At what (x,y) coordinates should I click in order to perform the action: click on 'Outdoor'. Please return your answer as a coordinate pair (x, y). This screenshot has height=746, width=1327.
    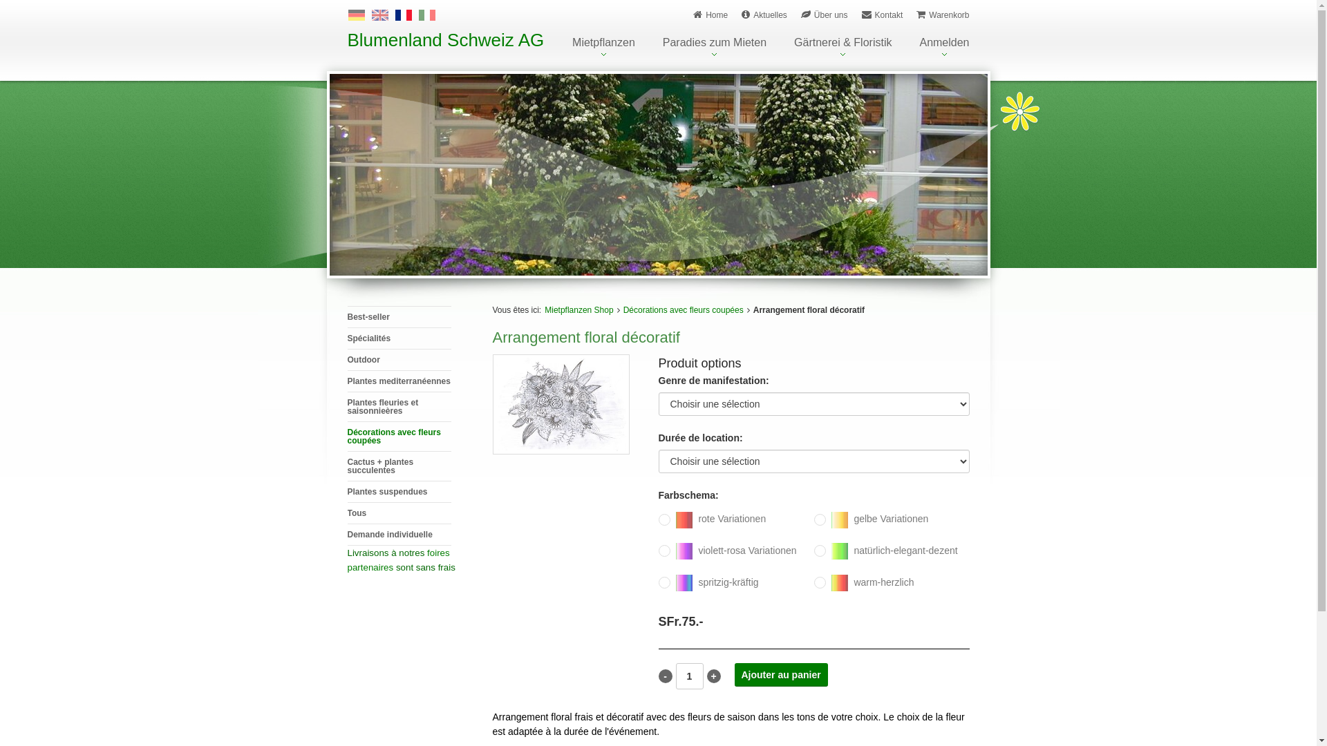
    Looking at the image, I should click on (347, 358).